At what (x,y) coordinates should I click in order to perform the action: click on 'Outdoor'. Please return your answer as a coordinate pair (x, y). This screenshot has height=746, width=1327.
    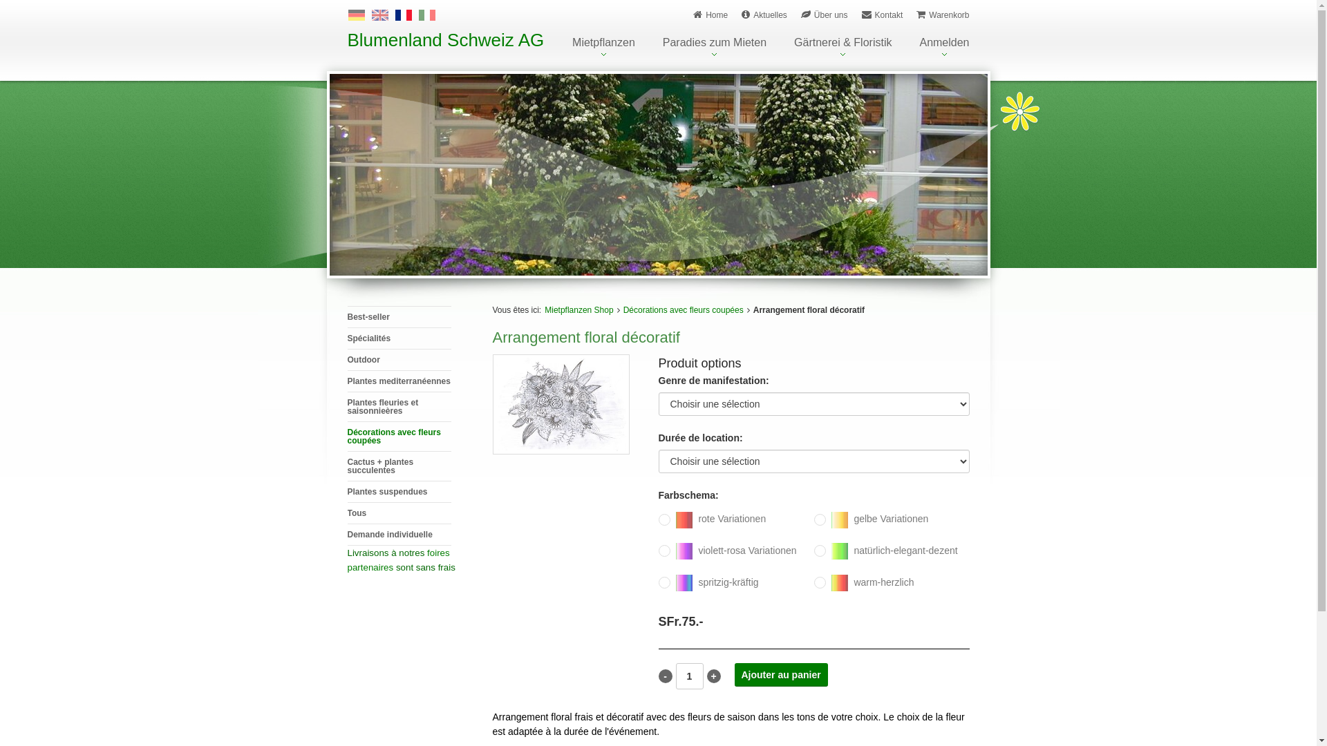
    Looking at the image, I should click on (347, 358).